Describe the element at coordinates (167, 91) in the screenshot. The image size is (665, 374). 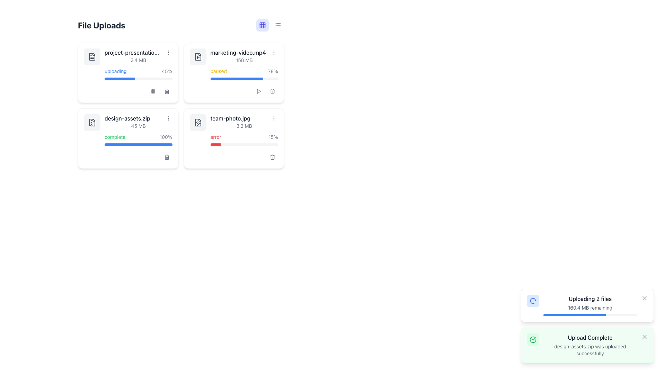
I see `the trash can icon button located in the bottom-right corner of the card for the file titled 'project-presentation...'` at that location.